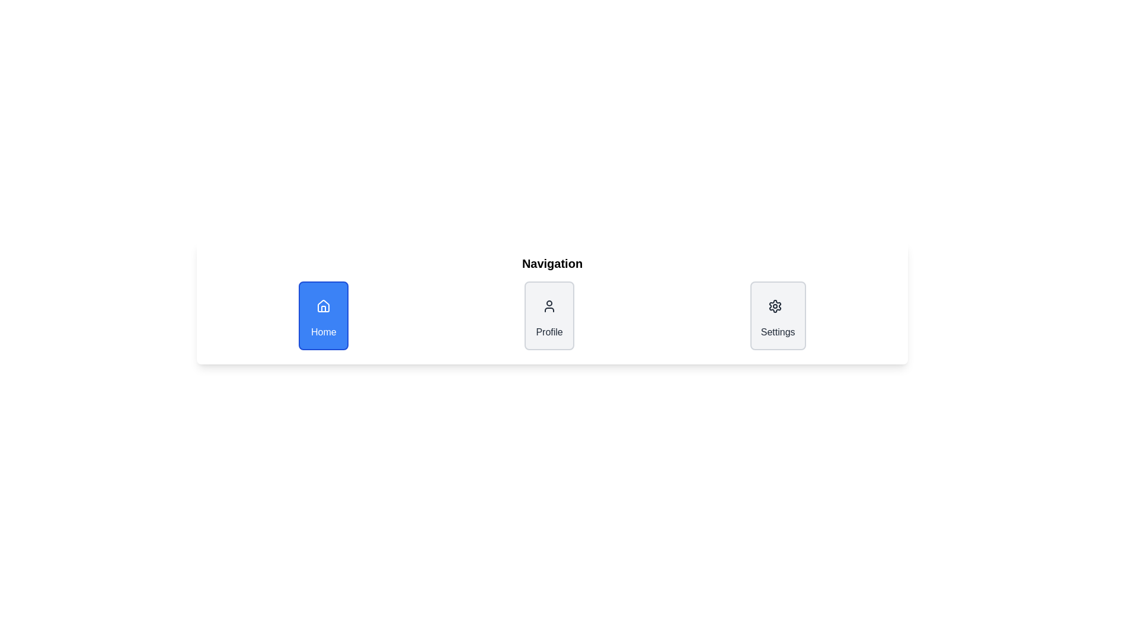  Describe the element at coordinates (775, 305) in the screenshot. I see `the black gear-like icon representing settings, located at the far-right position of the horizontal navigation bar` at that location.